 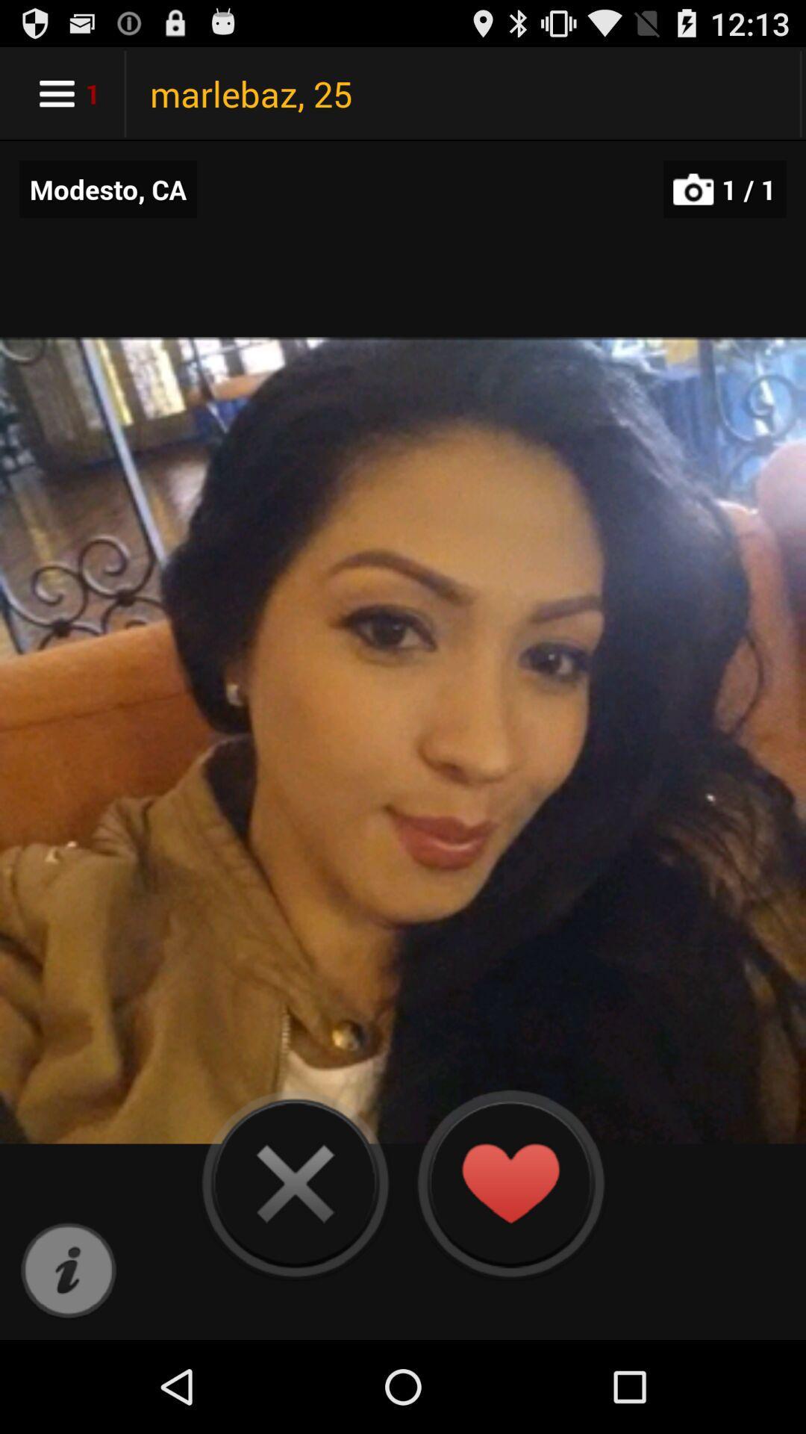 What do you see at coordinates (509, 1182) in the screenshot?
I see `interested` at bounding box center [509, 1182].